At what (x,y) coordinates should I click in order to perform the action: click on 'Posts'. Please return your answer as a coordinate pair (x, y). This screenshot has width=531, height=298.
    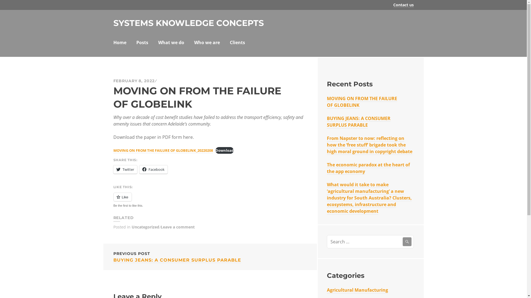
    Looking at the image, I should click on (142, 43).